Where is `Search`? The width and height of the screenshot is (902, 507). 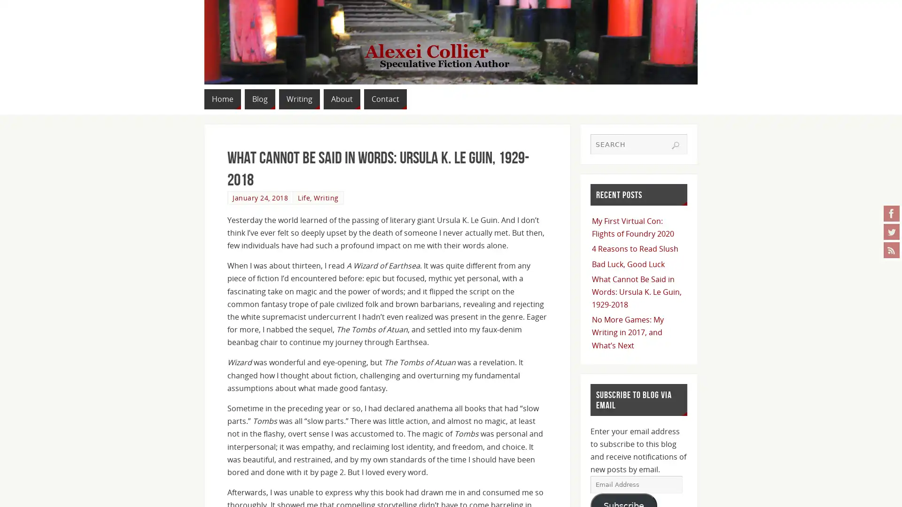
Search is located at coordinates (675, 145).